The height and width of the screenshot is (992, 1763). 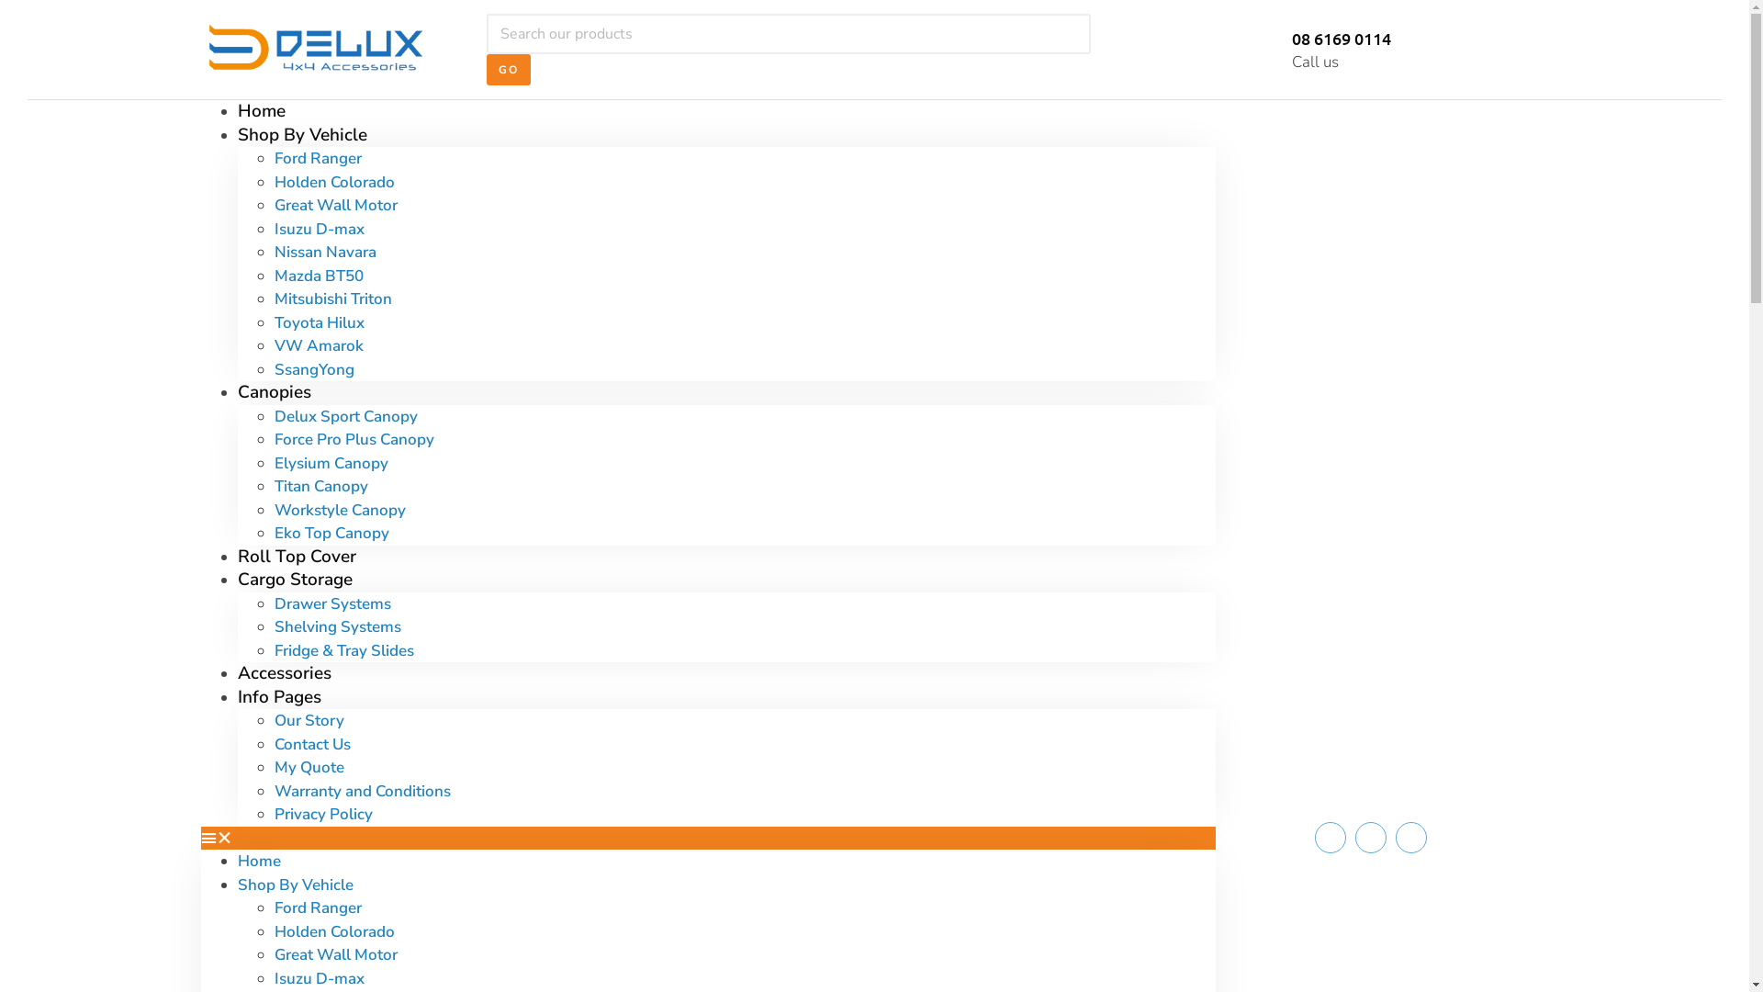 What do you see at coordinates (1341, 38) in the screenshot?
I see `'08 6169 0114'` at bounding box center [1341, 38].